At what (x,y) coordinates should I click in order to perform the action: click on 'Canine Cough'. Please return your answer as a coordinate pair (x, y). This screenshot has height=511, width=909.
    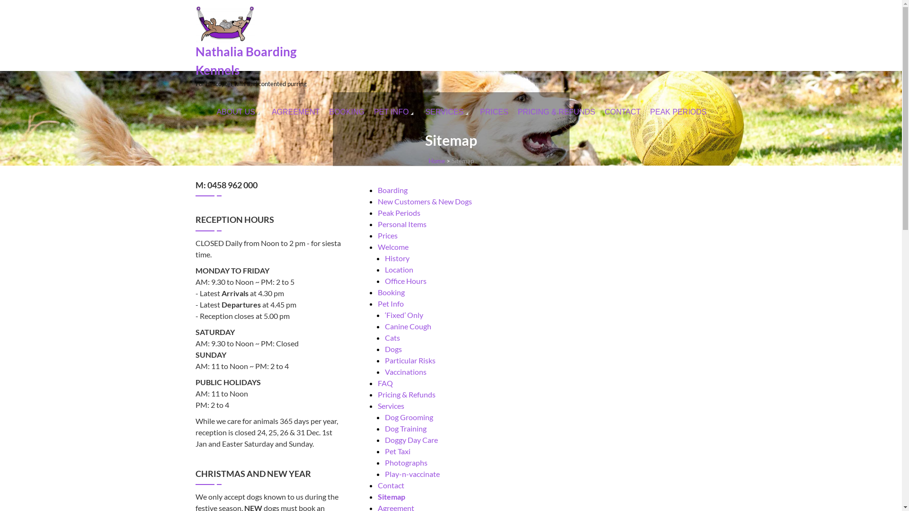
    Looking at the image, I should click on (408, 326).